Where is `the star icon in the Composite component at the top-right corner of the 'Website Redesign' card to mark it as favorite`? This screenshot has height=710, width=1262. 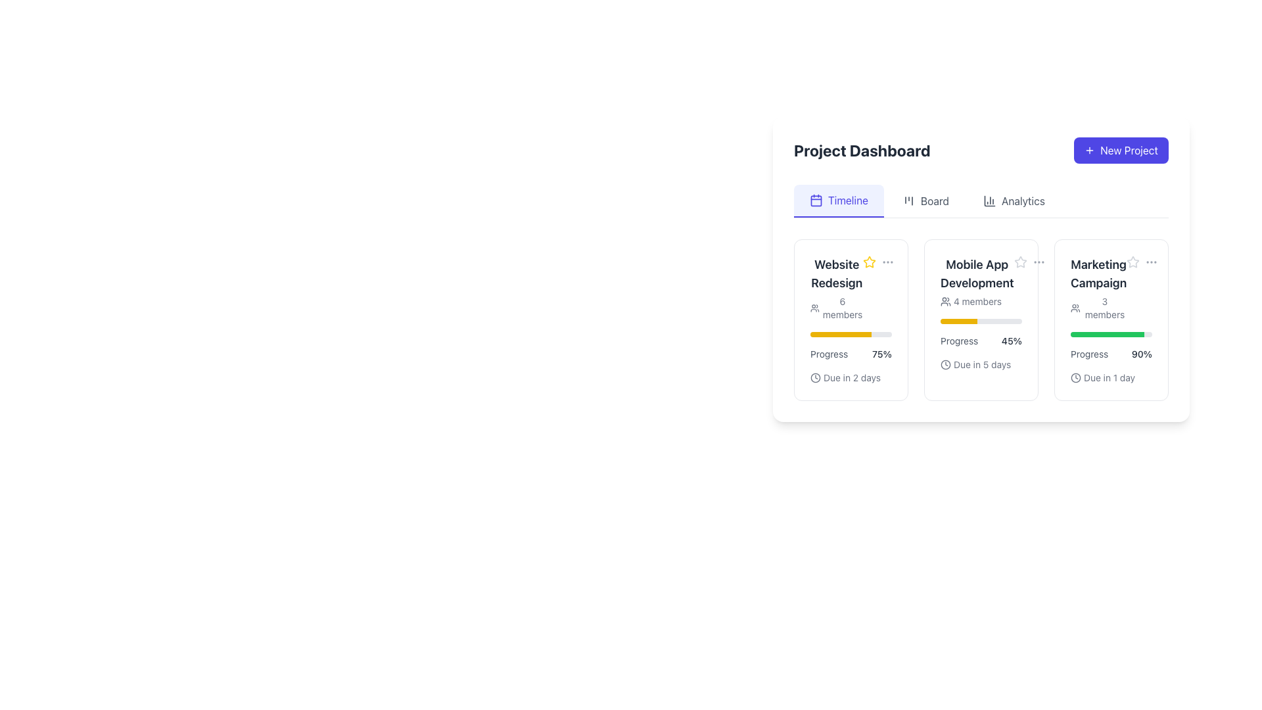 the star icon in the Composite component at the top-right corner of the 'Website Redesign' card to mark it as favorite is located at coordinates (879, 262).